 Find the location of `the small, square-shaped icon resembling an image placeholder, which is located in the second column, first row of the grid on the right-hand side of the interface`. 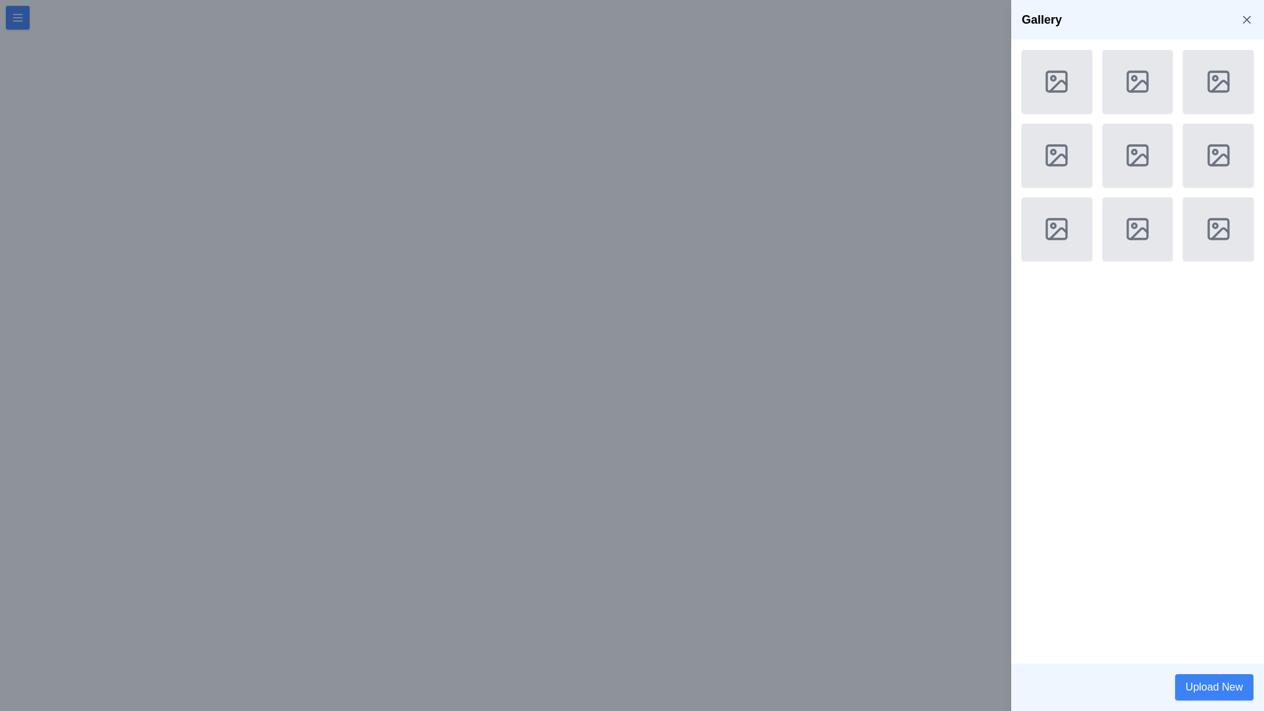

the small, square-shaped icon resembling an image placeholder, which is located in the second column, first row of the grid on the right-hand side of the interface is located at coordinates (1137, 81).